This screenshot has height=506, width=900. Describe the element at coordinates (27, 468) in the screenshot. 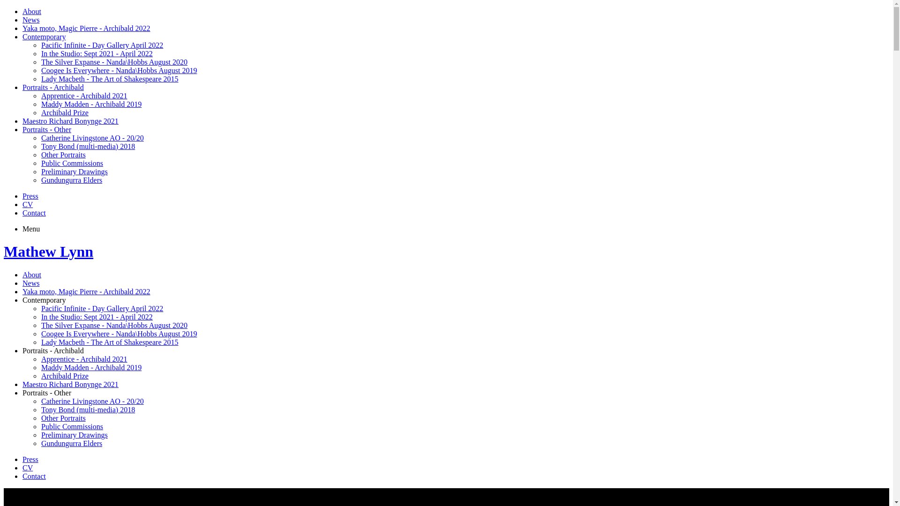

I see `'CV'` at that location.